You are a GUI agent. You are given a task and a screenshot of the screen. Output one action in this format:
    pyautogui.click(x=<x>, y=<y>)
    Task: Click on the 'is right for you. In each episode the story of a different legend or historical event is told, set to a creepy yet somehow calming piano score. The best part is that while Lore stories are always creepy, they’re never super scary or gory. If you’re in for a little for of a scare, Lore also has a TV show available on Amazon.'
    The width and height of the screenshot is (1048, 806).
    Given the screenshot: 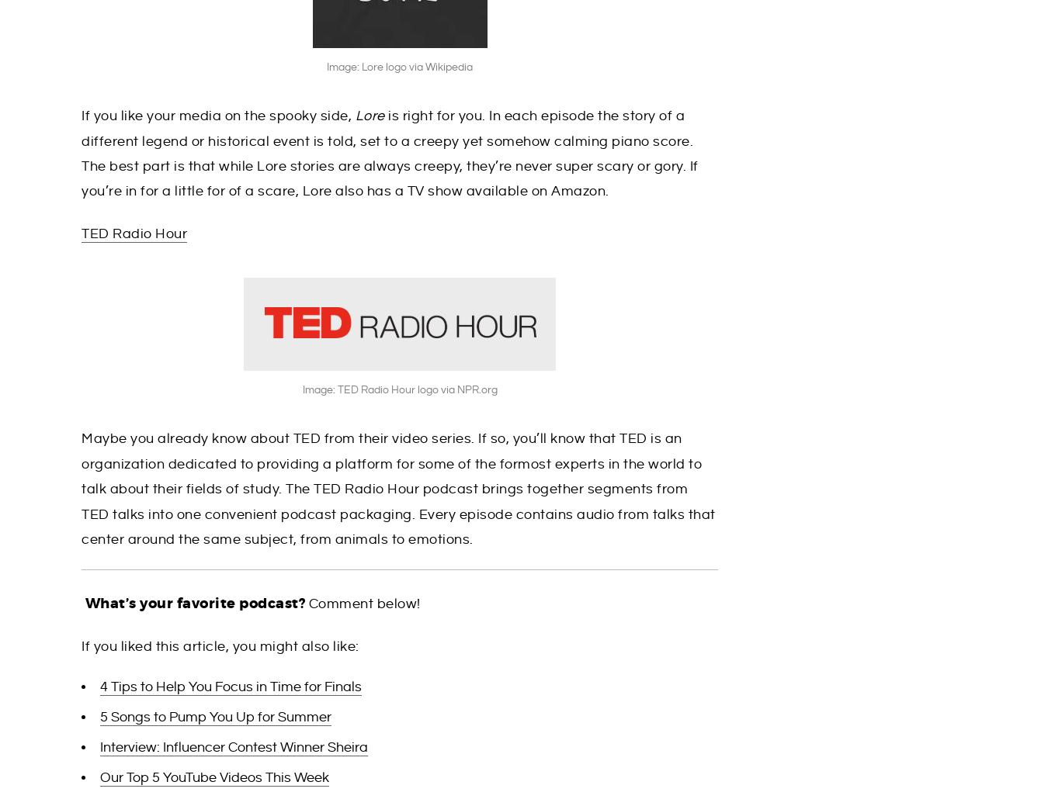 What is the action you would take?
    pyautogui.click(x=81, y=154)
    